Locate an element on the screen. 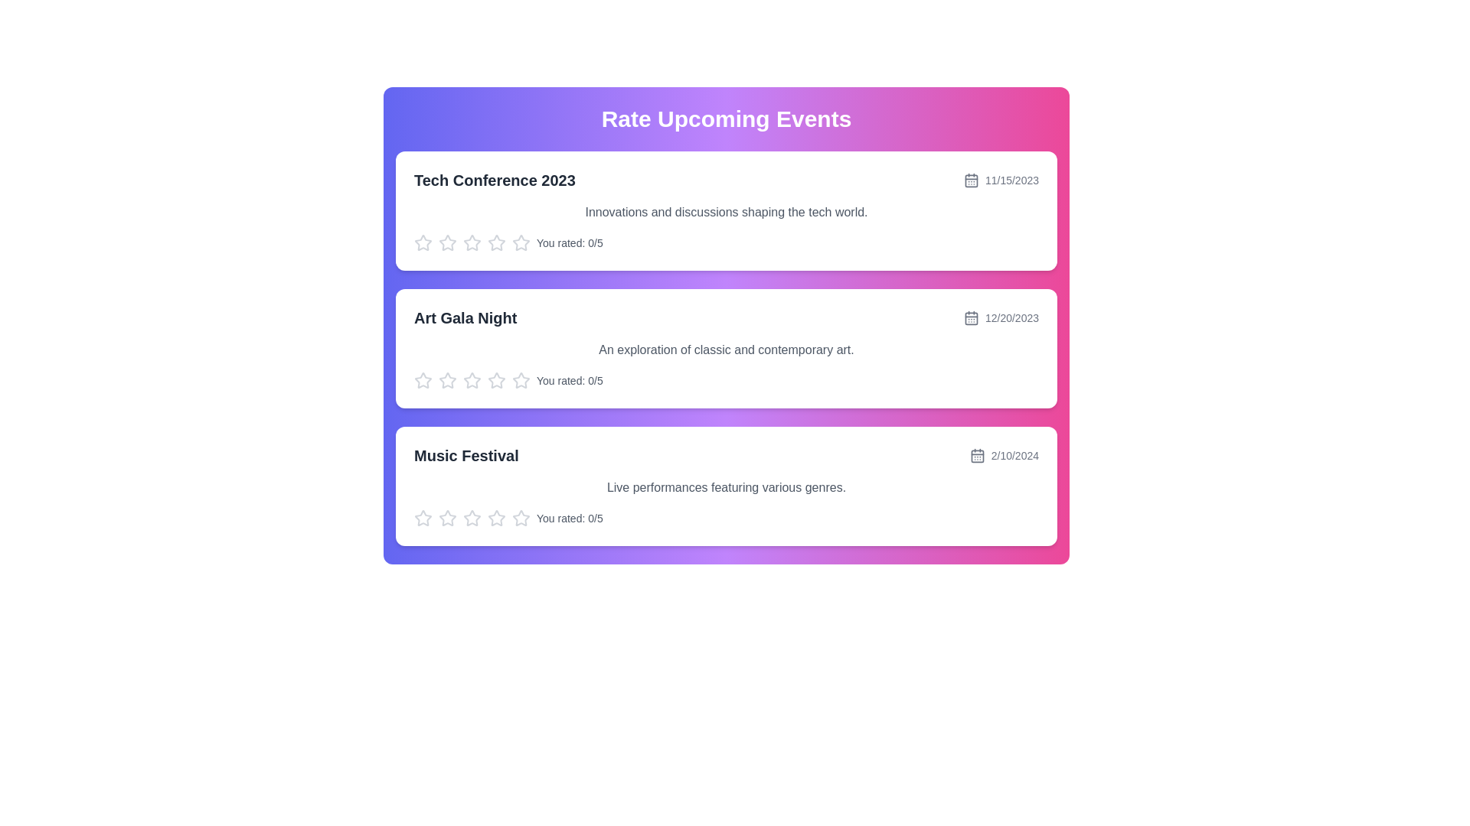 The width and height of the screenshot is (1470, 826). the Information display block for the event 'Art Gala Night' located in the second card of the middle section, between 'Tech Conference 2023' and 'Music Festival' is located at coordinates (726, 317).